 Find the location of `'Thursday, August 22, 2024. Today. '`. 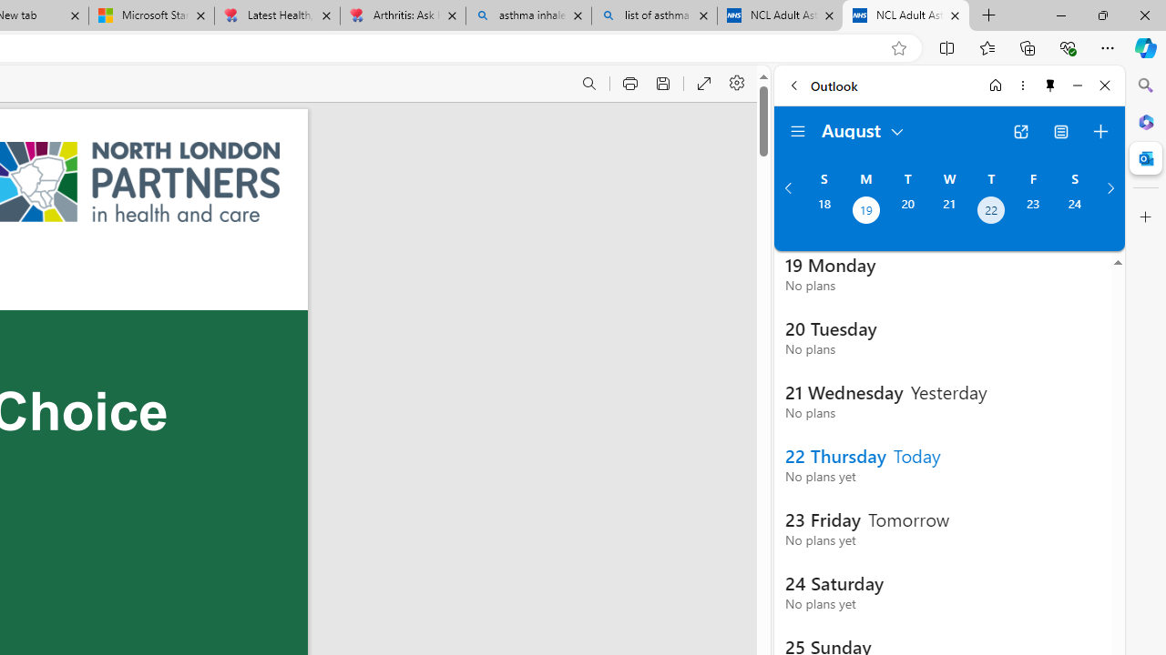

'Thursday, August 22, 2024. Today. ' is located at coordinates (990, 211).